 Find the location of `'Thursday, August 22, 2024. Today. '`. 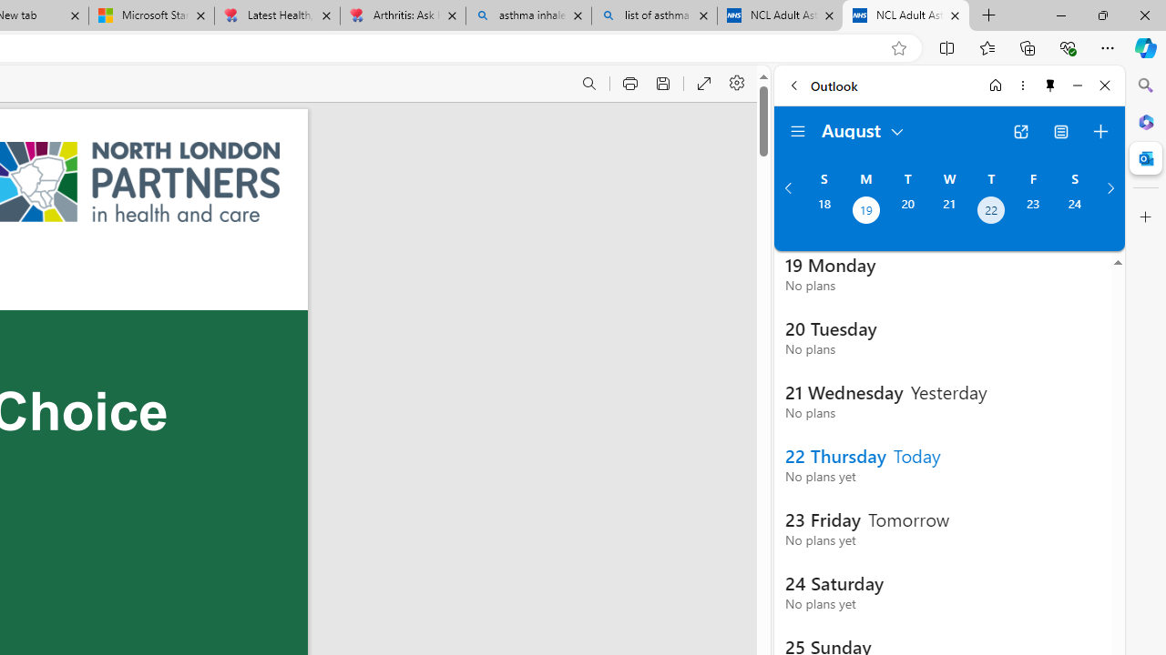

'Thursday, August 22, 2024. Today. ' is located at coordinates (990, 211).